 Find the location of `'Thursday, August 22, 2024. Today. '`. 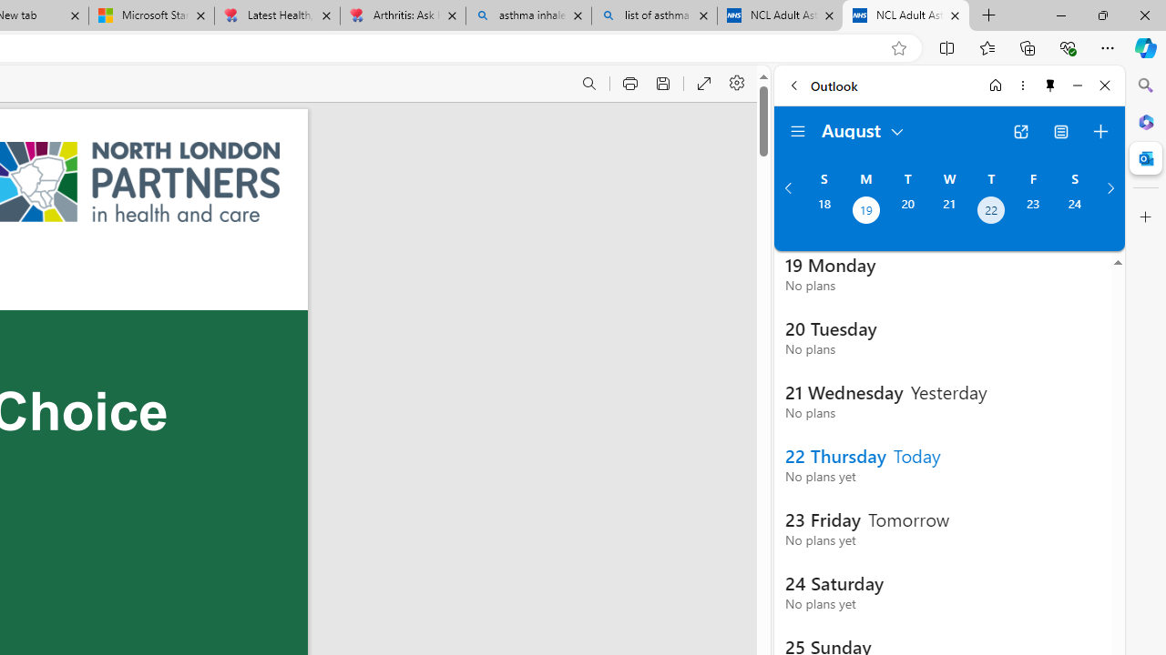

'Thursday, August 22, 2024. Today. ' is located at coordinates (990, 211).